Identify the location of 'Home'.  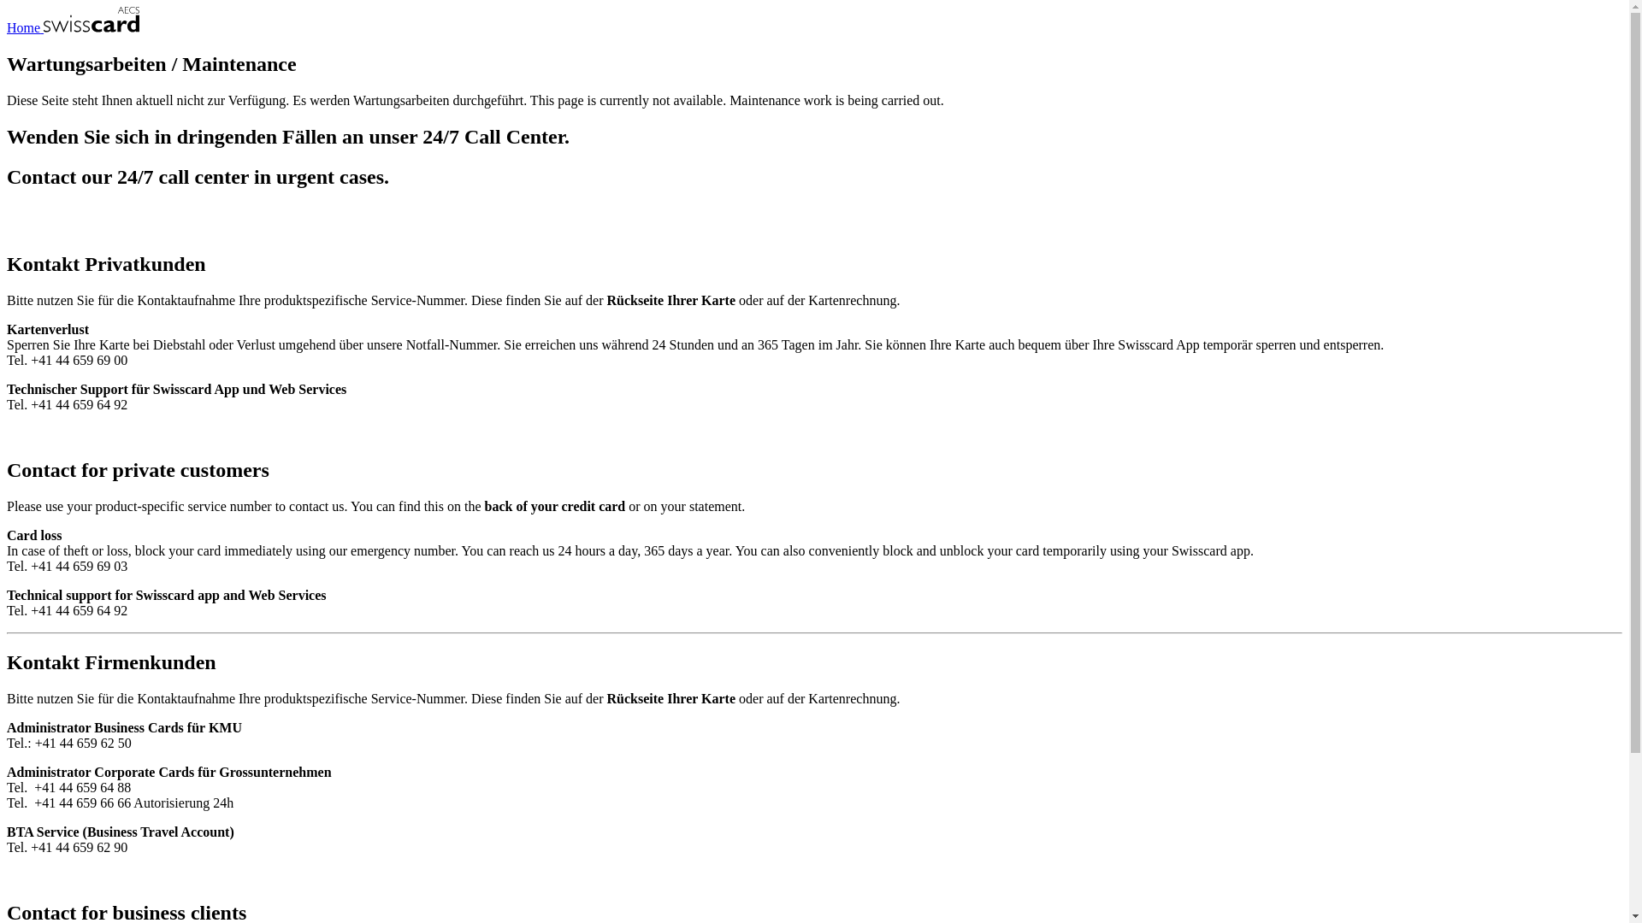
(7, 27).